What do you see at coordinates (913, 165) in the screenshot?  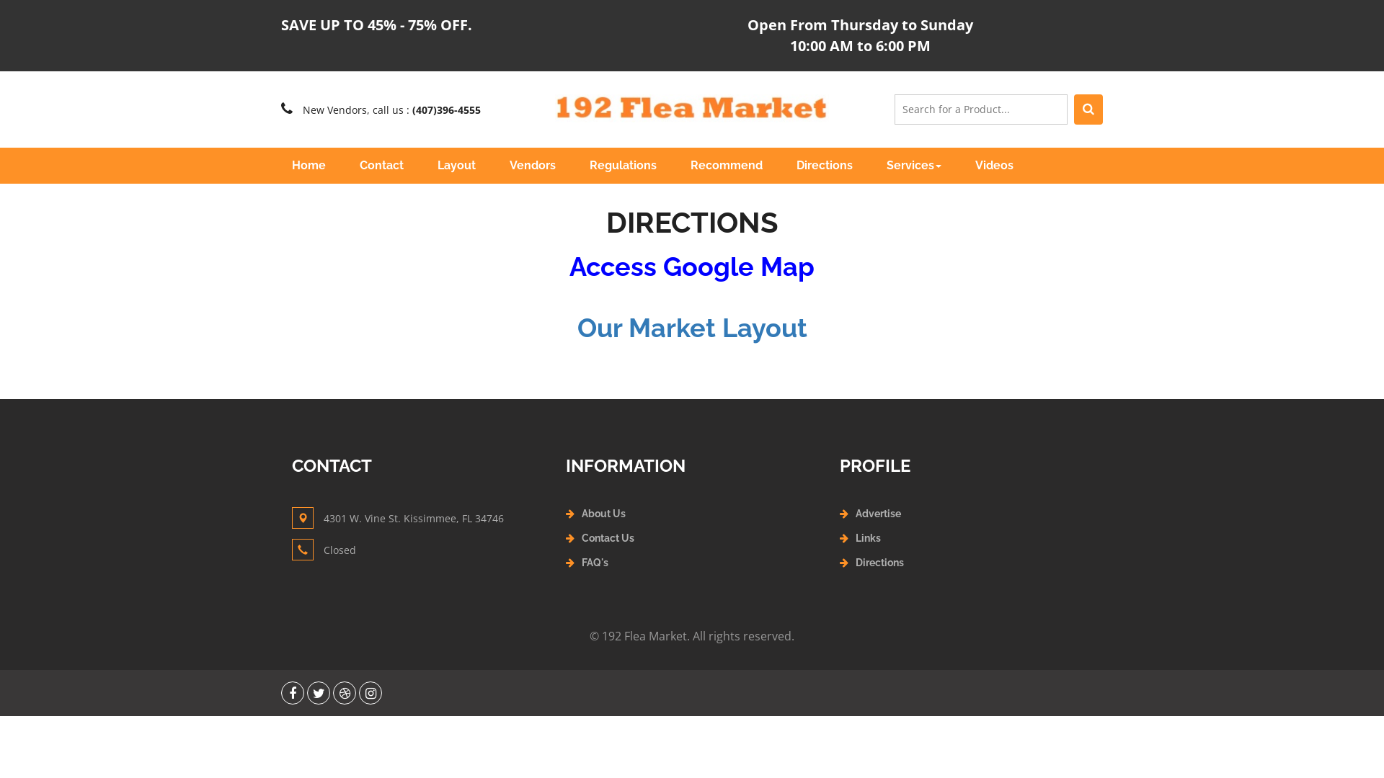 I see `'Services'` at bounding box center [913, 165].